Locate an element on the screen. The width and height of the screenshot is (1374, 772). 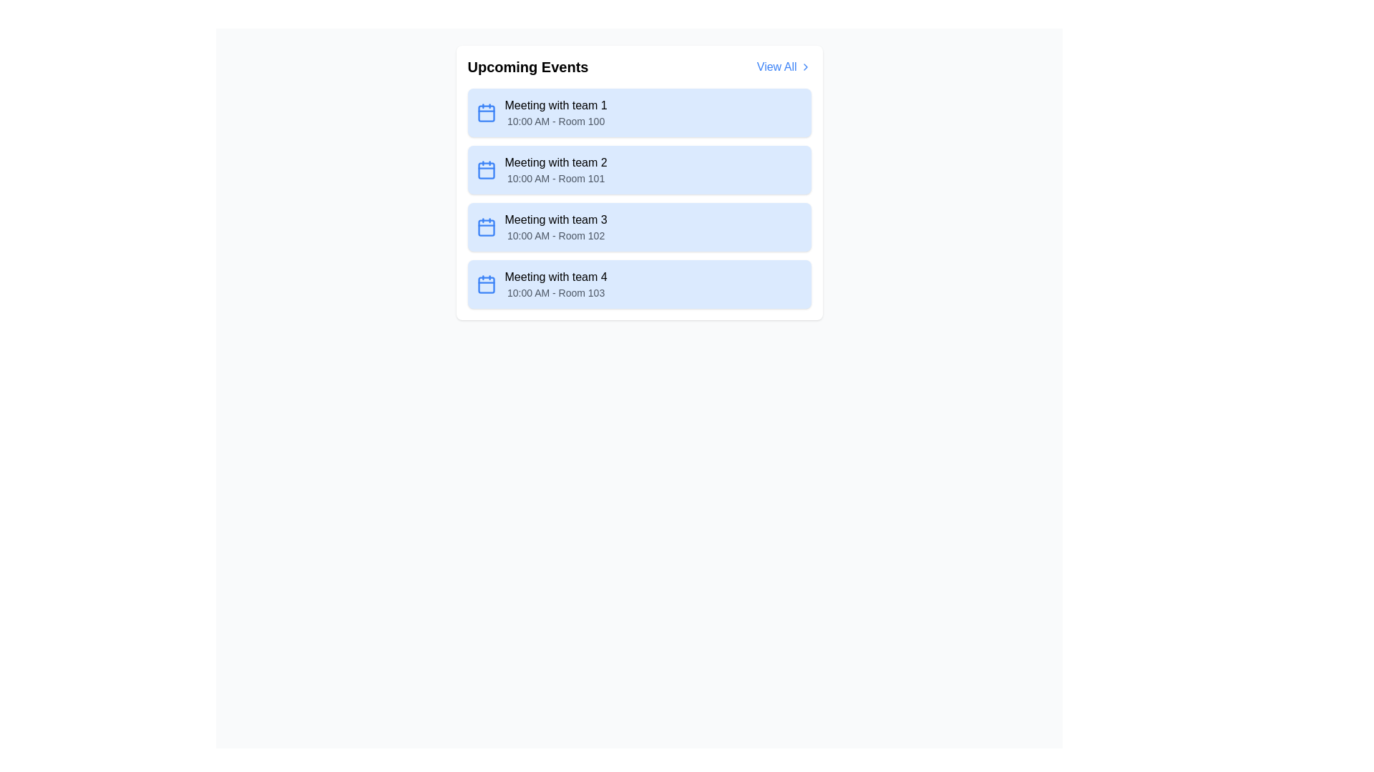
the informational text label displaying time and location details for the event 'Meeting with team 2', located at the bottom section of the second card under 'Upcoming Events' is located at coordinates (555, 178).